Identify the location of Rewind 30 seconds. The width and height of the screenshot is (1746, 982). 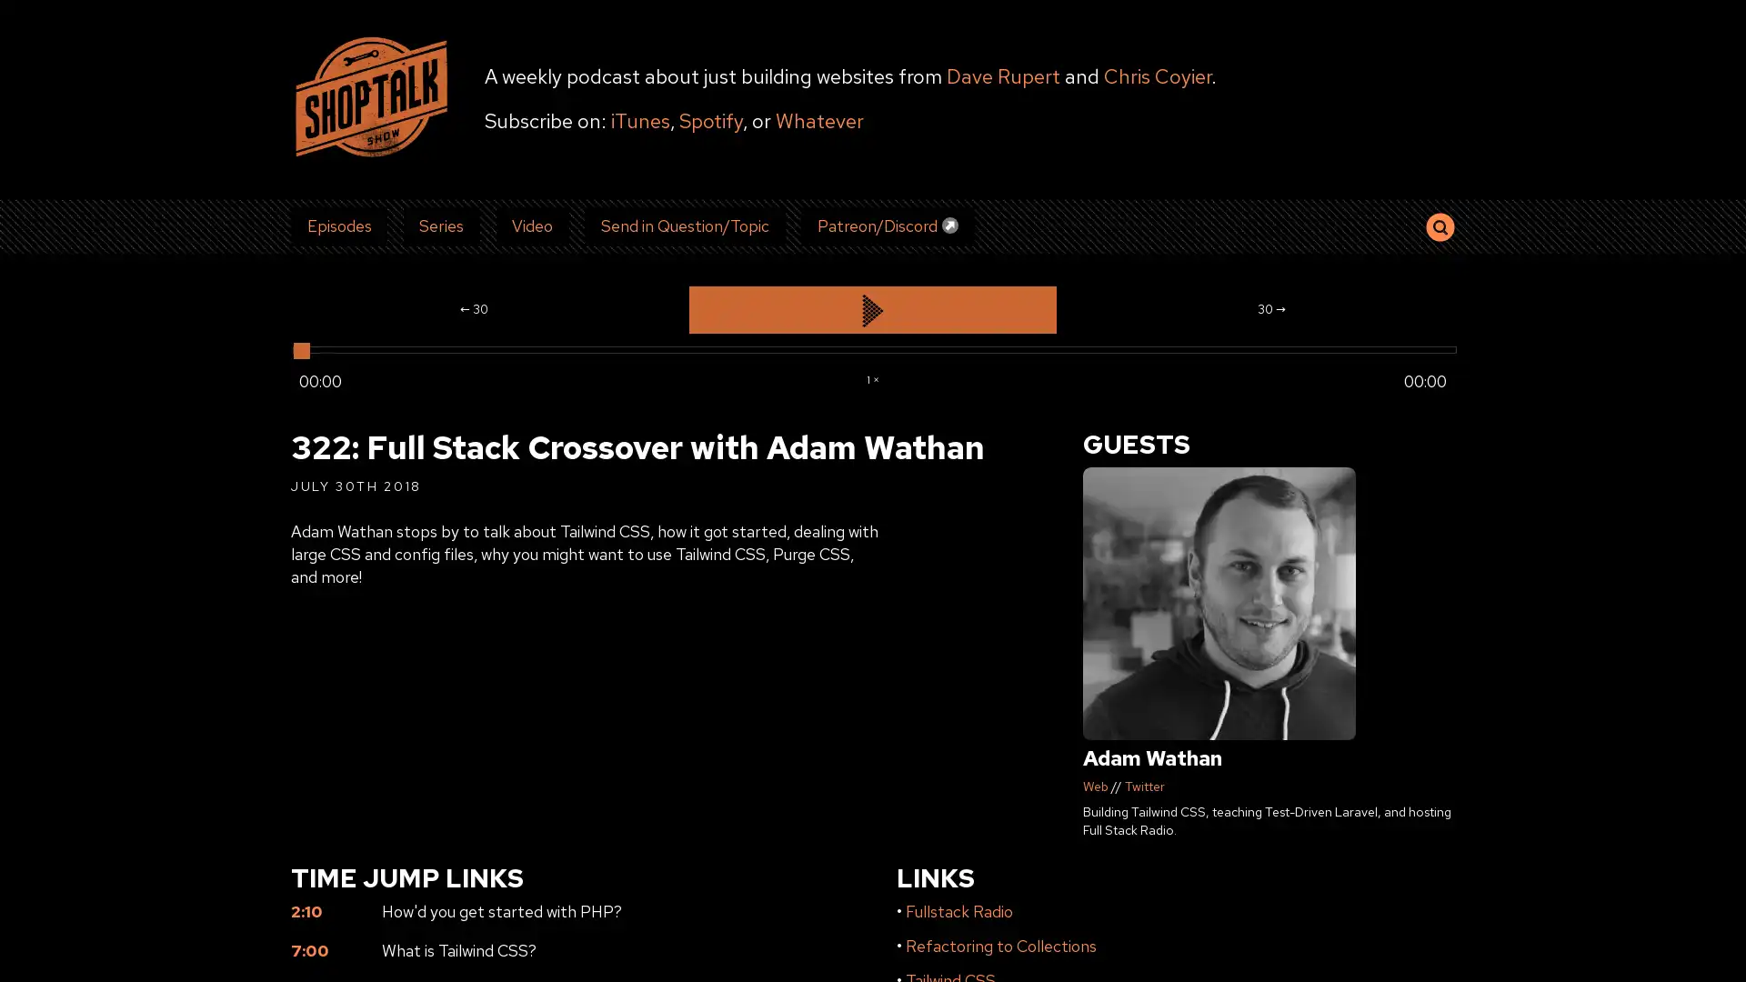
(474, 308).